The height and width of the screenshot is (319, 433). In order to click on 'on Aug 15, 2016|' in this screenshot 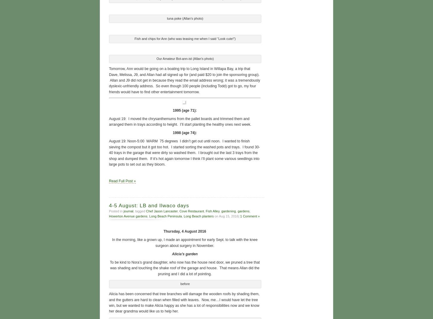, I will do `click(213, 215)`.